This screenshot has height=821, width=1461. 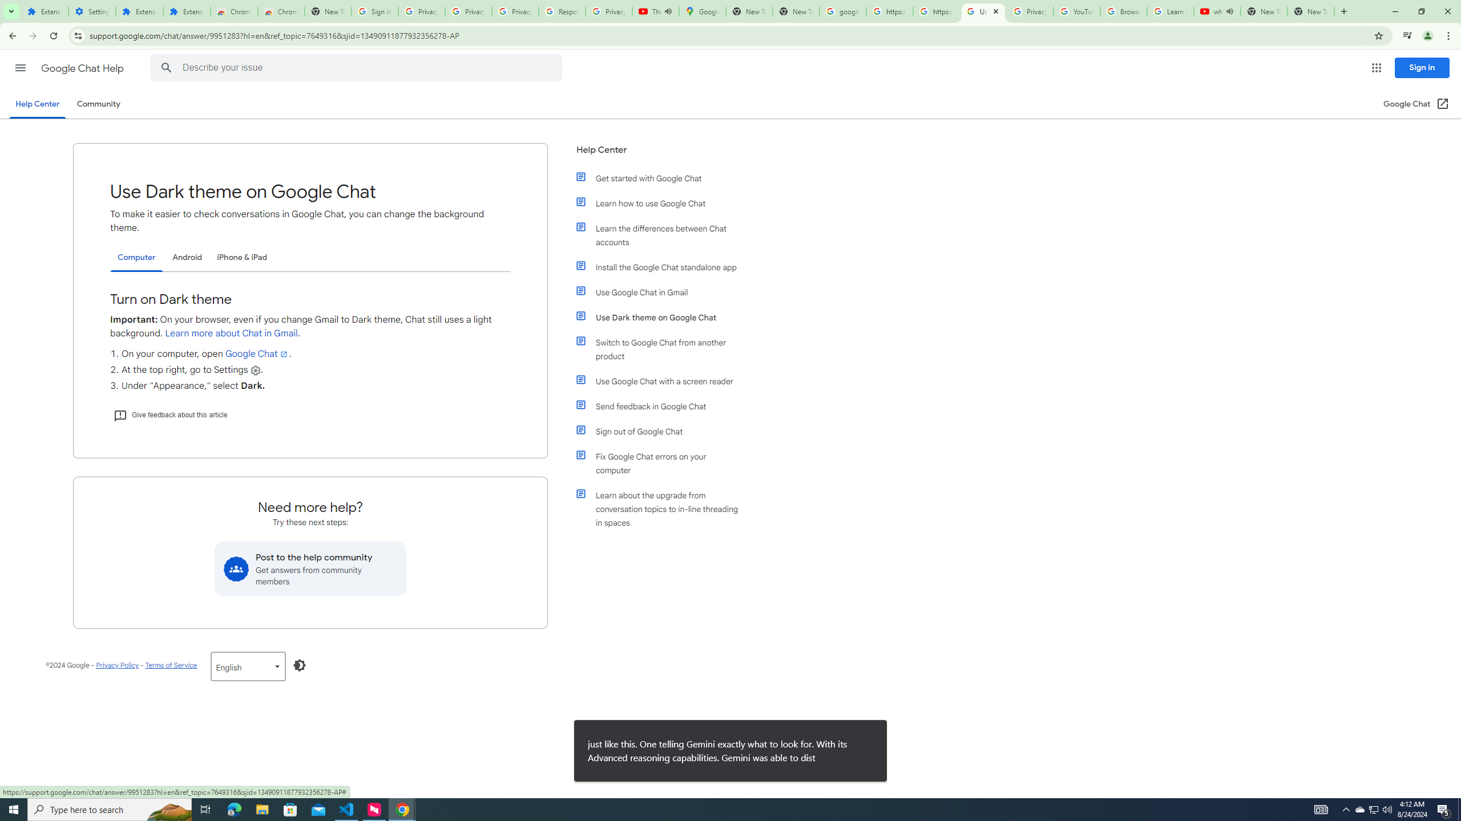 I want to click on 'Learn how to use Google Chat', so click(x=663, y=203).